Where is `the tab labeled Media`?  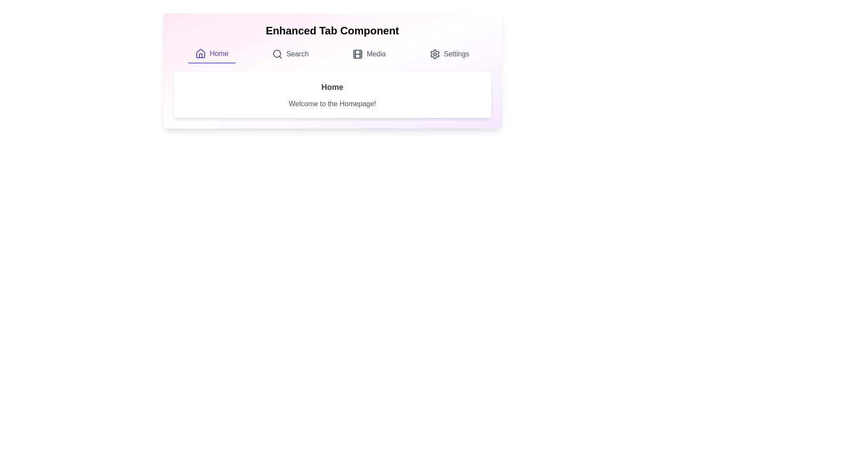
the tab labeled Media is located at coordinates (369, 54).